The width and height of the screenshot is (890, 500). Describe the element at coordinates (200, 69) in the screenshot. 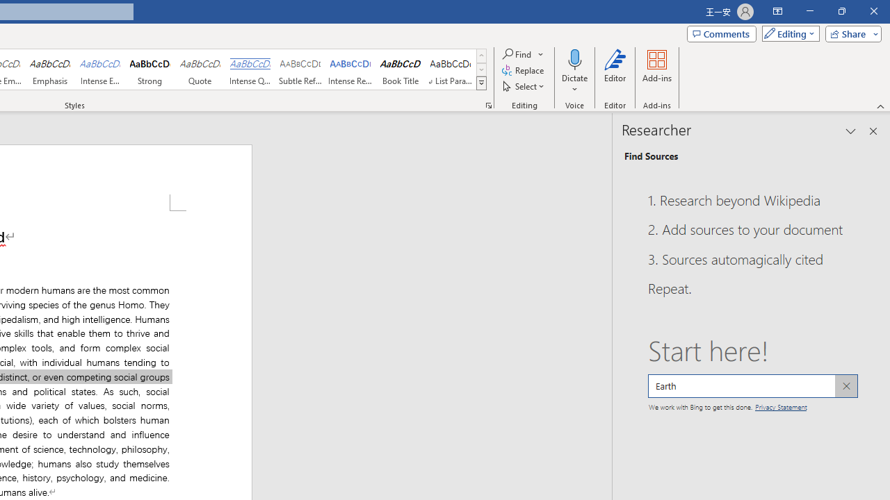

I see `'Quote'` at that location.